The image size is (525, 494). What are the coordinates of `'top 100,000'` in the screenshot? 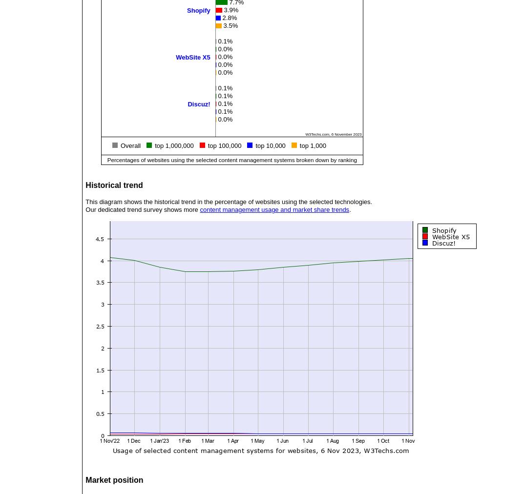 It's located at (207, 145).